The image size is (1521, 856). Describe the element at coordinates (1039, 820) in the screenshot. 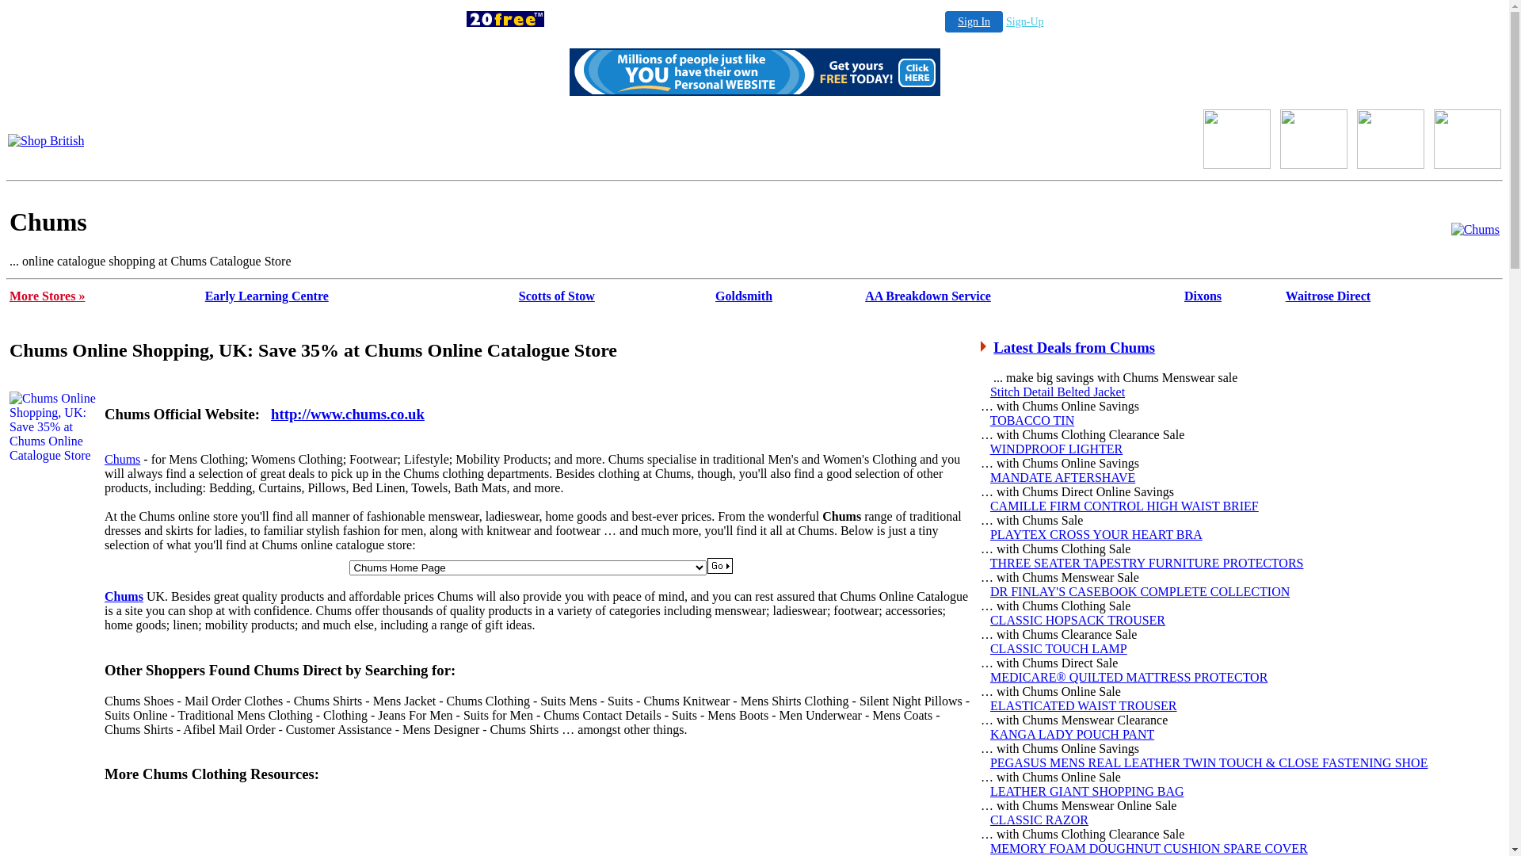

I see `'CLASSIC RAZOR'` at that location.